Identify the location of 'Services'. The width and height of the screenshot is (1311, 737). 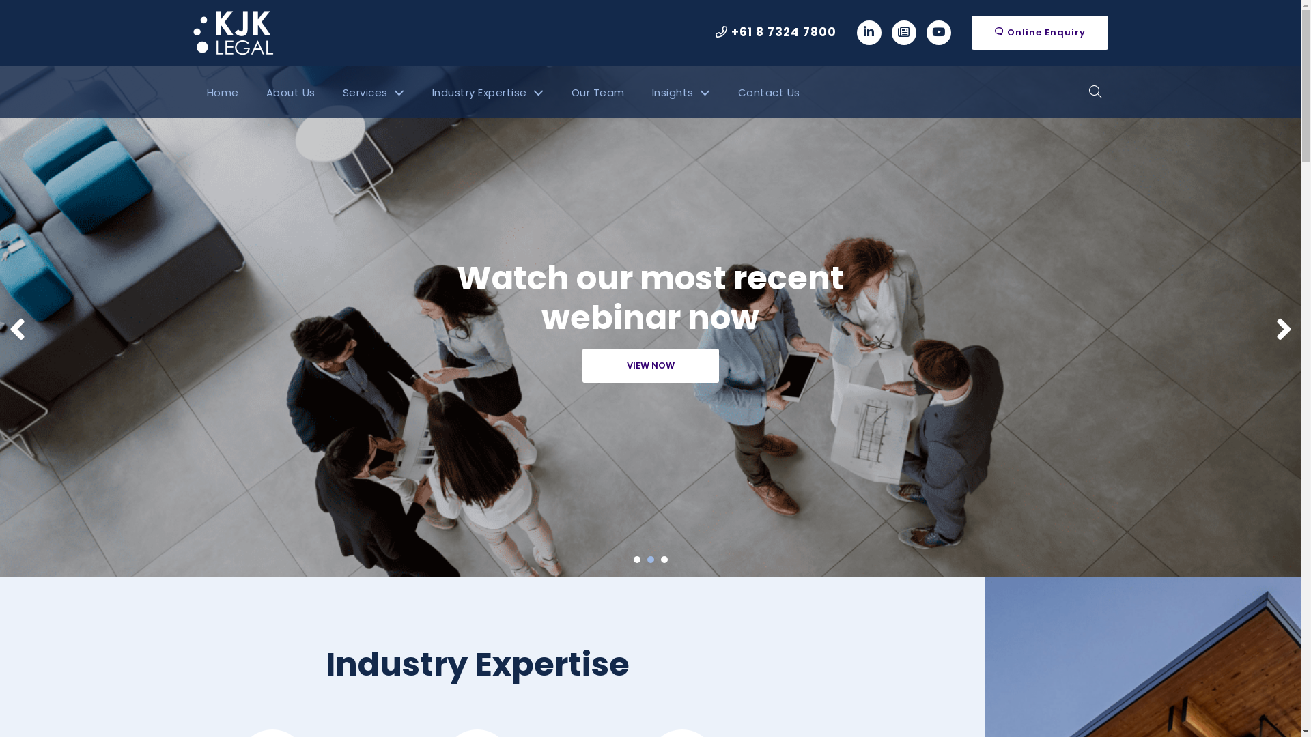
(328, 92).